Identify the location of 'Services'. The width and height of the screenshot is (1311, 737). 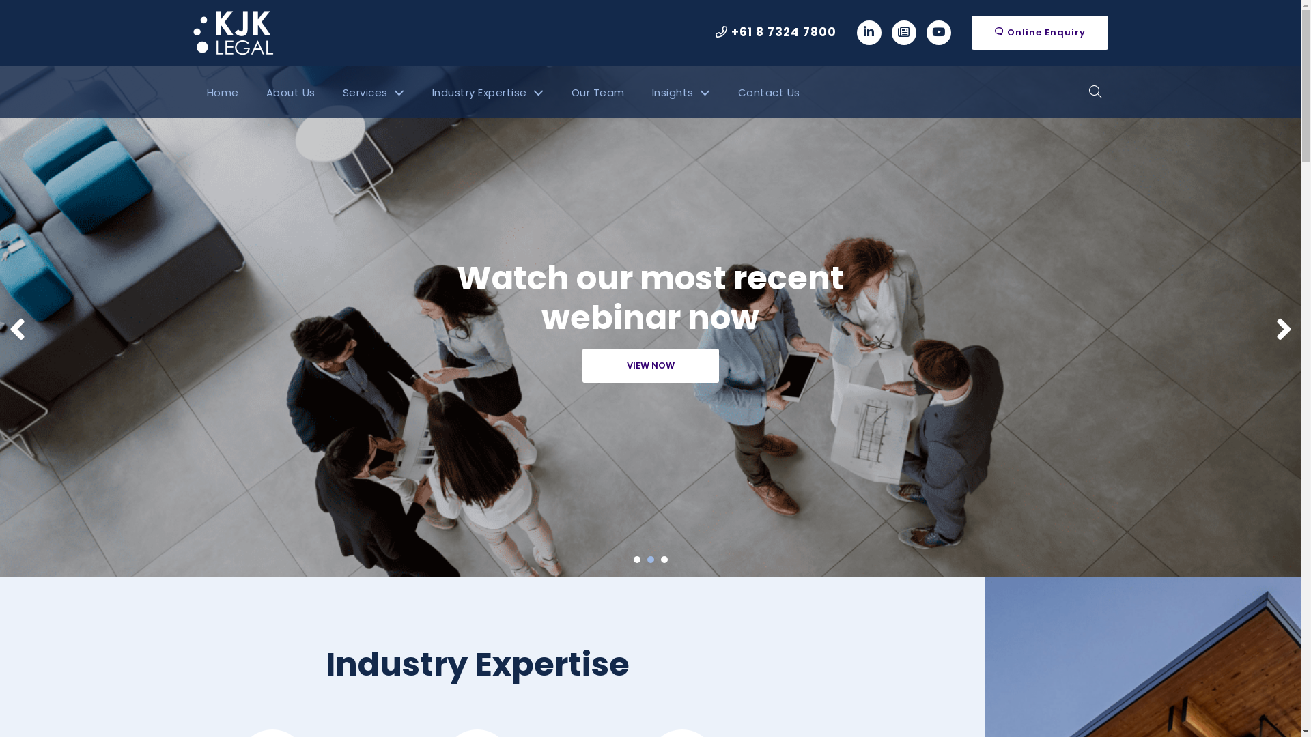
(328, 92).